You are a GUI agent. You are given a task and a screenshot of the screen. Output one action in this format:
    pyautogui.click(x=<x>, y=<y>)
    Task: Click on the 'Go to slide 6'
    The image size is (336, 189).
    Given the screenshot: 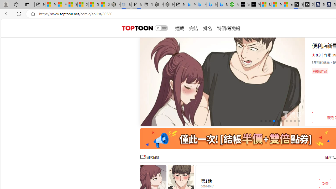 What is the action you would take?
    pyautogui.click(x=282, y=121)
    